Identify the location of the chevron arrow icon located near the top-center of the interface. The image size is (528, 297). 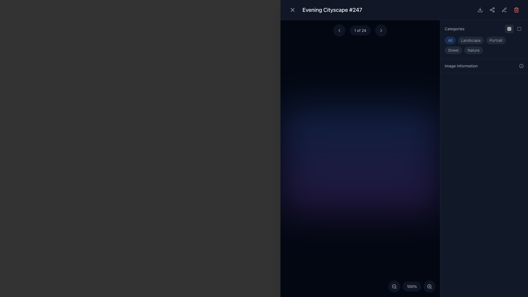
(381, 31).